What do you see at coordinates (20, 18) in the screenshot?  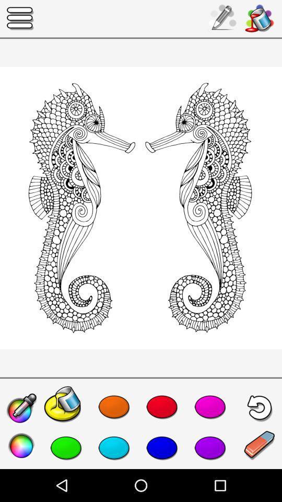 I see `the menu icon` at bounding box center [20, 18].